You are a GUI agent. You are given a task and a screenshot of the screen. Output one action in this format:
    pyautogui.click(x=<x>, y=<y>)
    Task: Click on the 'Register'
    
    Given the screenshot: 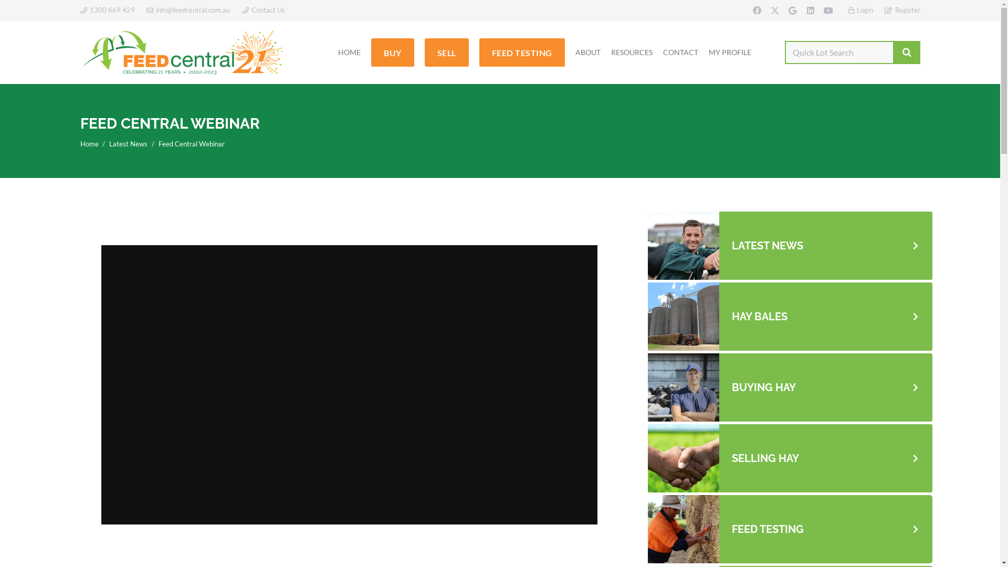 What is the action you would take?
    pyautogui.click(x=901, y=10)
    